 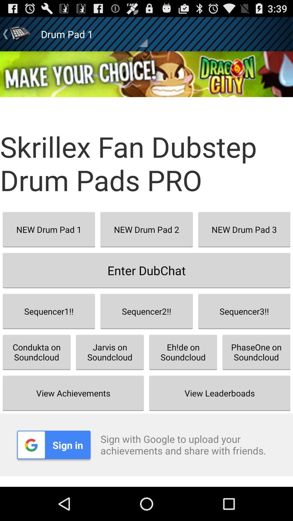 I want to click on item next to the jarvis on soundcloud button, so click(x=220, y=393).